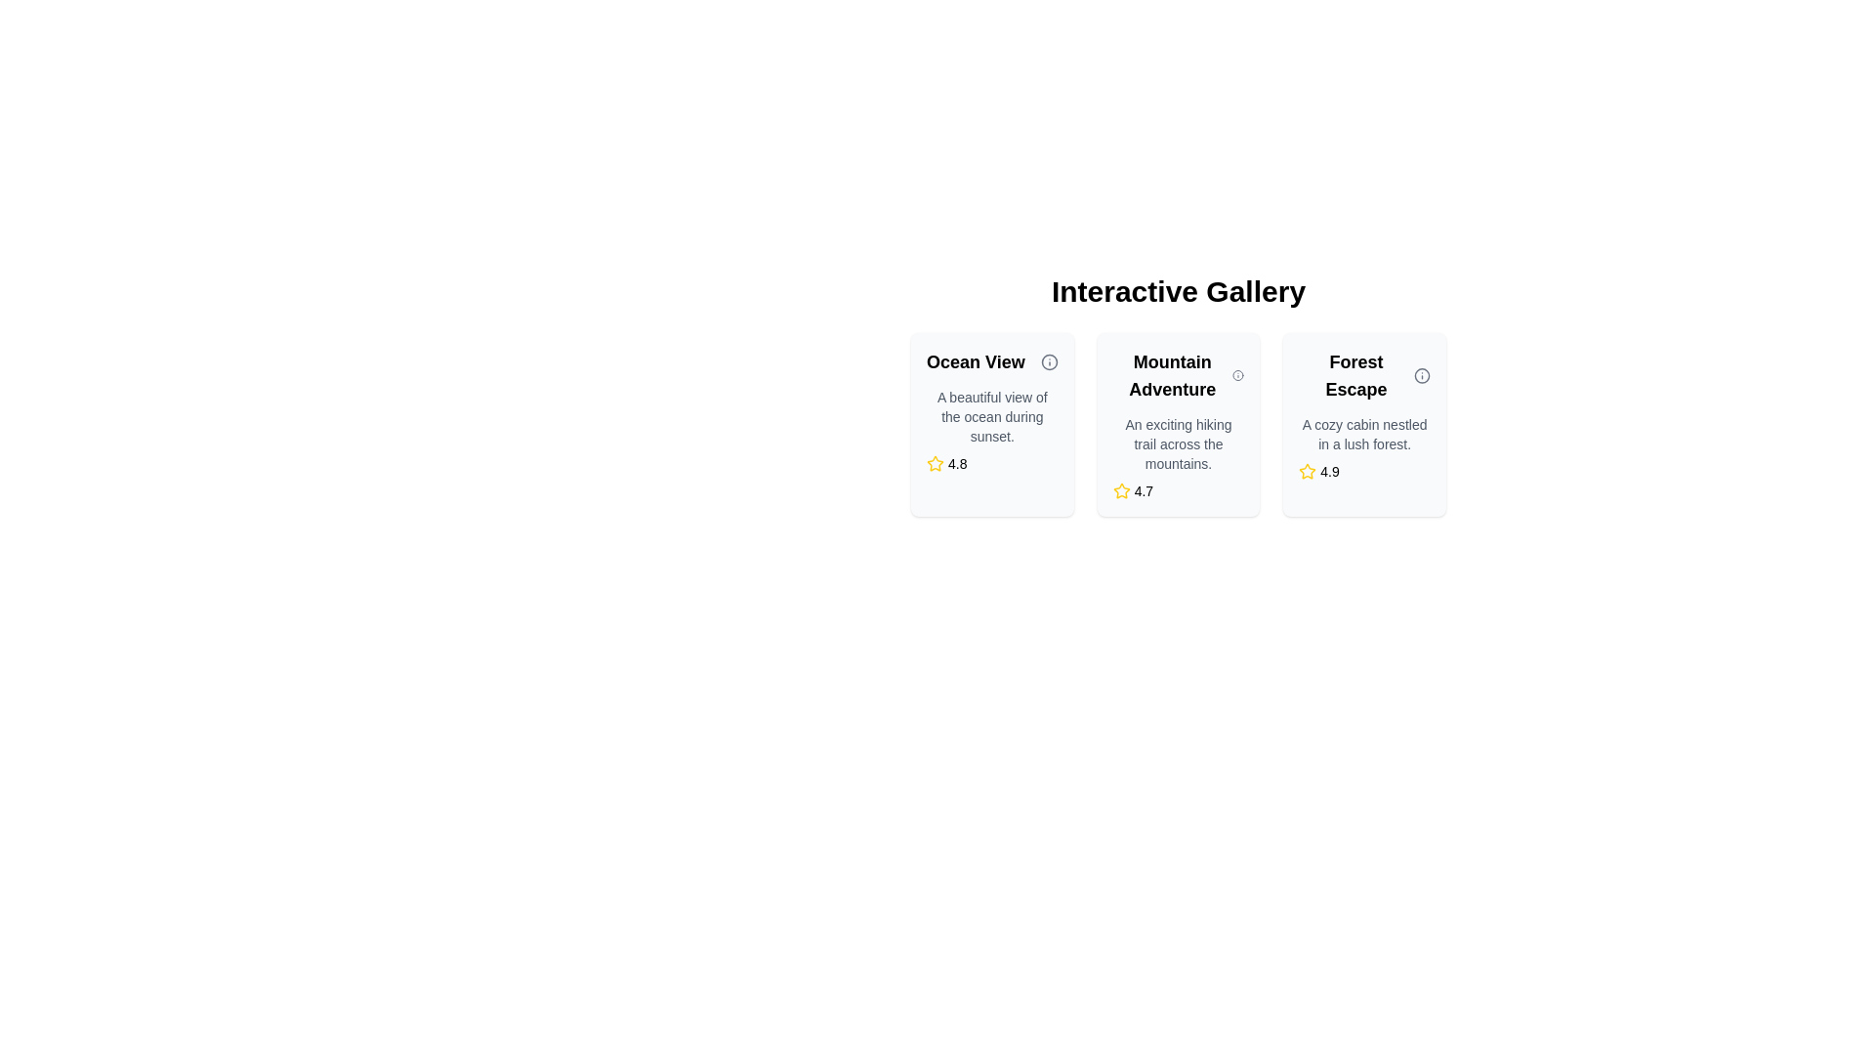 The height and width of the screenshot is (1055, 1875). Describe the element at coordinates (1363, 424) in the screenshot. I see `the third interactive card labeled 'Forest Escape' in the Interactive Gallery` at that location.